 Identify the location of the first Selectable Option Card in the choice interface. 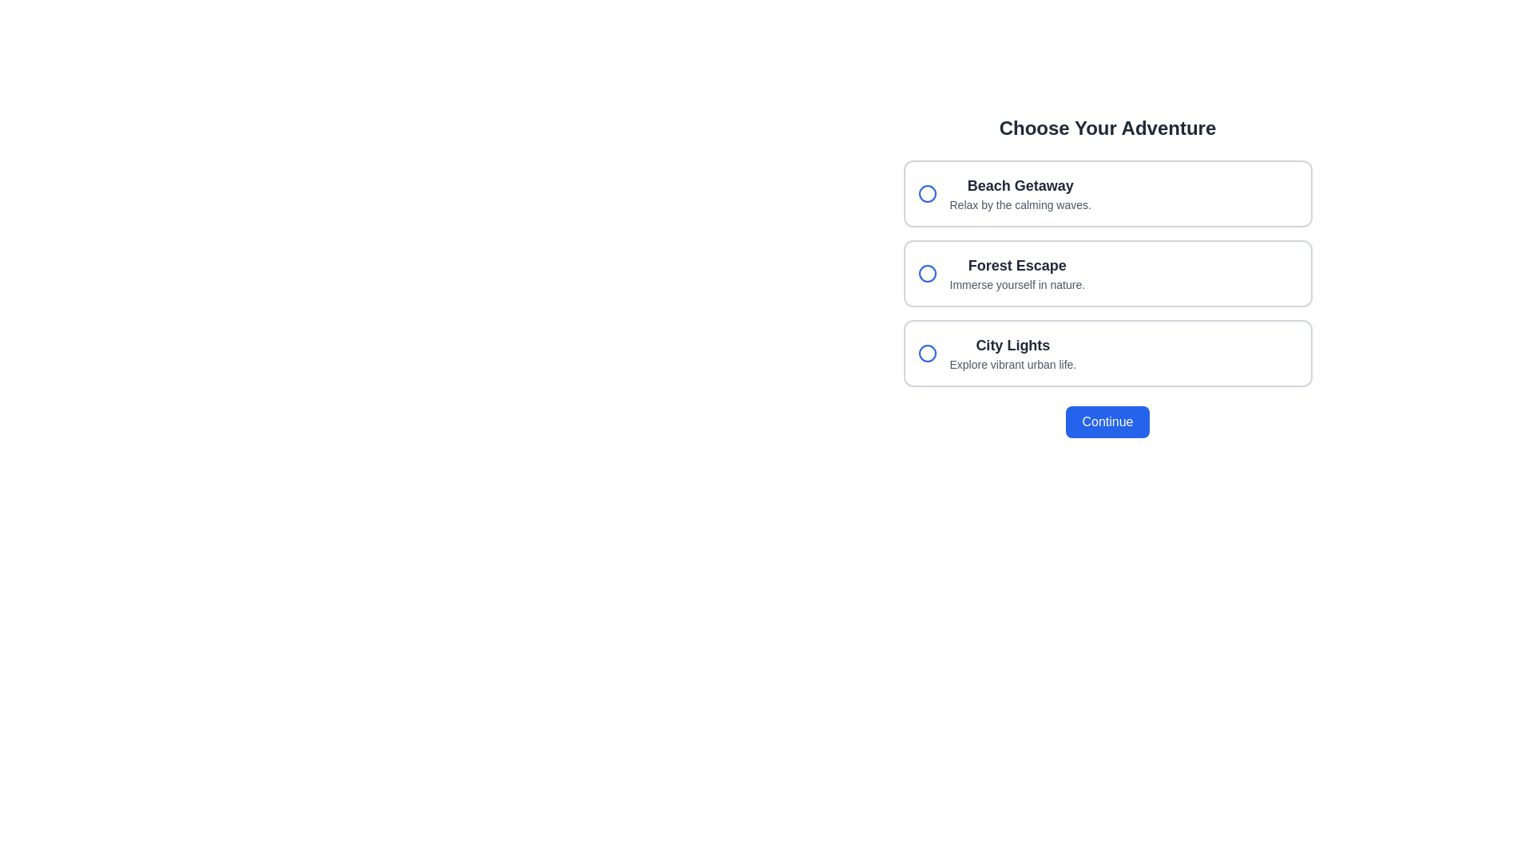
(1107, 193).